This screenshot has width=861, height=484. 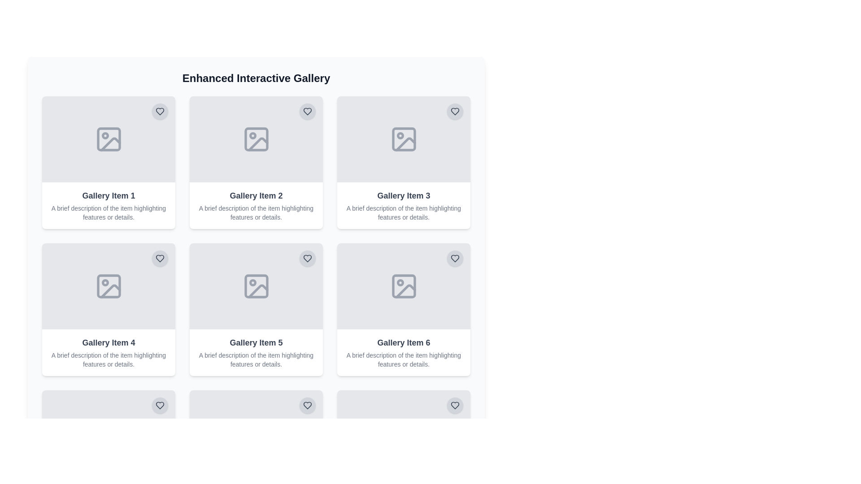 What do you see at coordinates (105, 136) in the screenshot?
I see `the small circular graphical icon located in the top-left corner of the 'Gallery Item 1' panel` at bounding box center [105, 136].